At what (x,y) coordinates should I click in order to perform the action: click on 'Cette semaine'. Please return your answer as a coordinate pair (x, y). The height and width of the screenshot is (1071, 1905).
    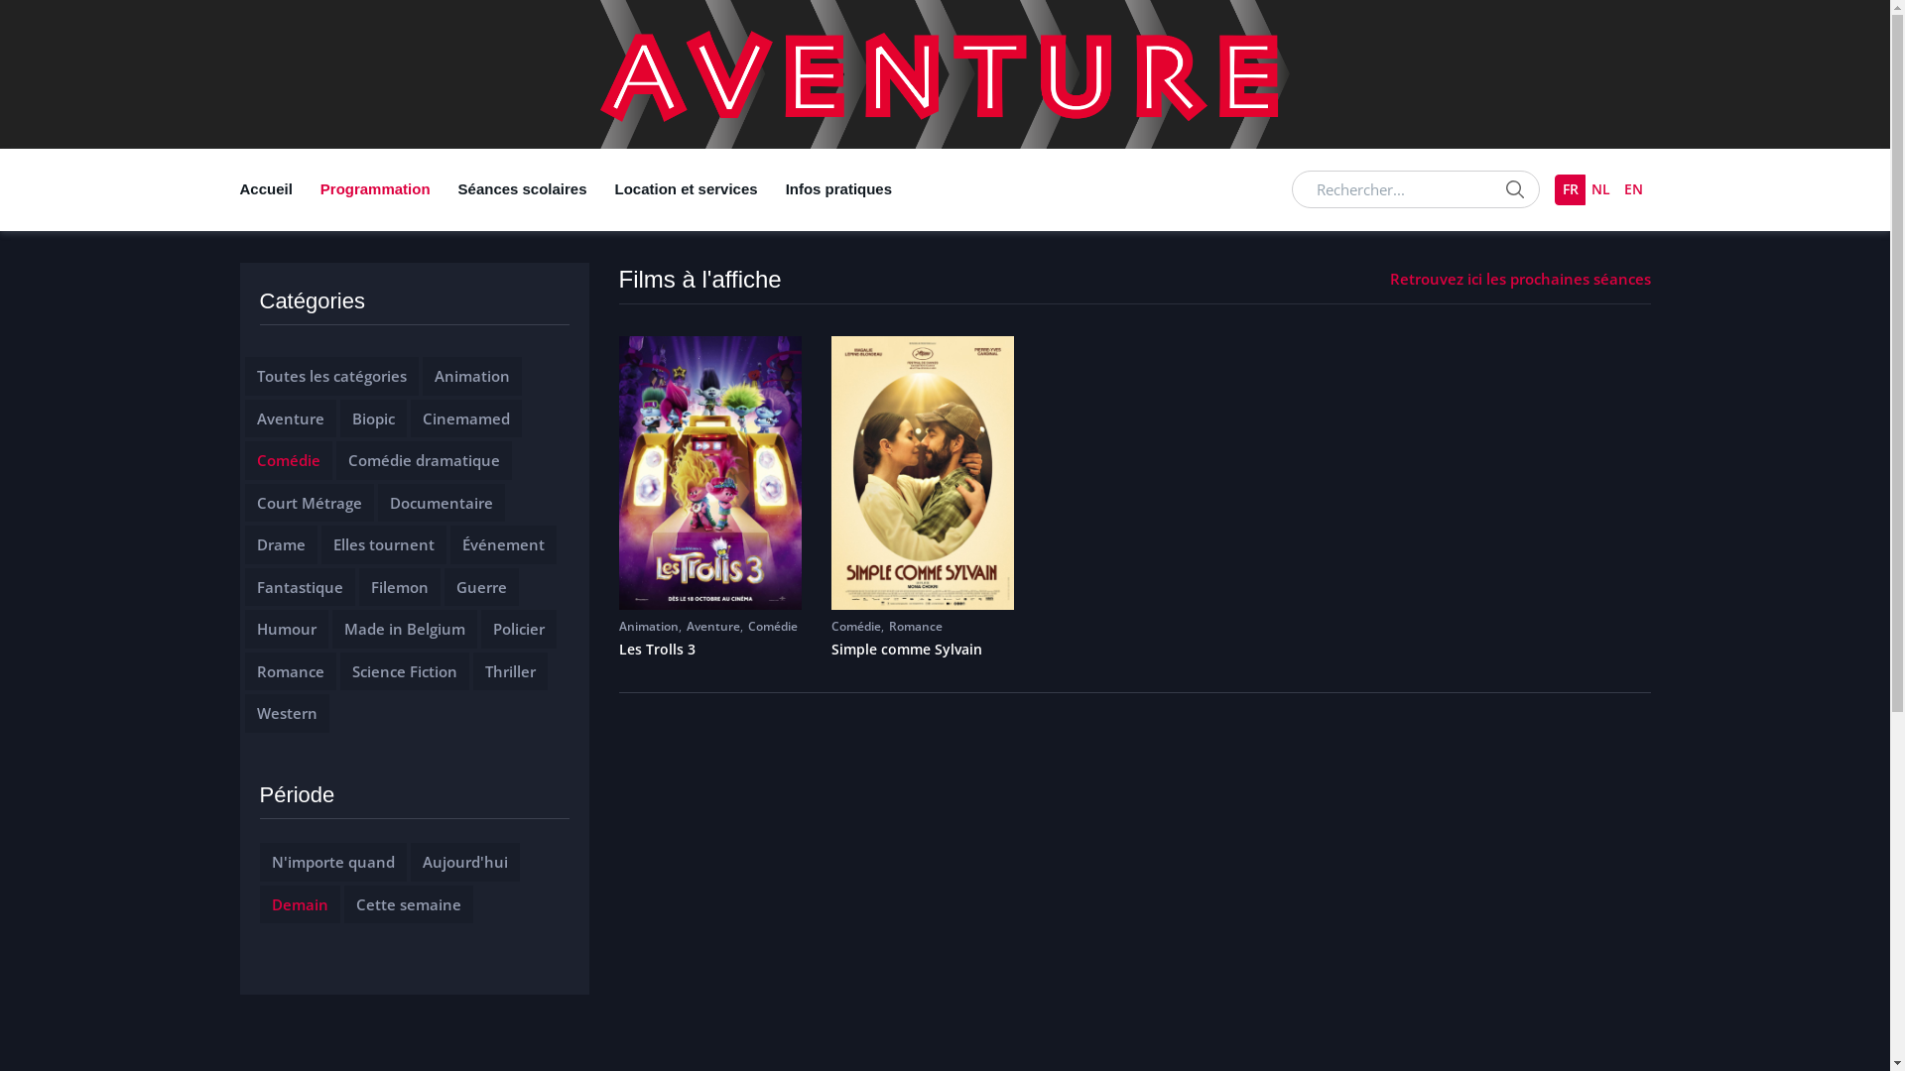
    Looking at the image, I should click on (407, 903).